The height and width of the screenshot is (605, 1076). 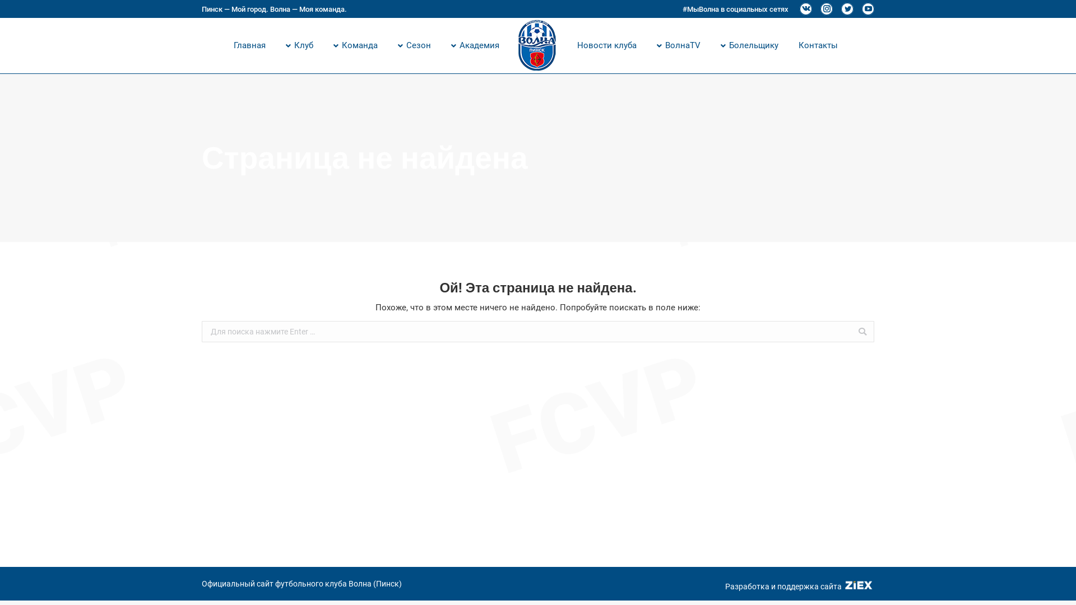 What do you see at coordinates (847, 8) in the screenshot?
I see `'Twitter'` at bounding box center [847, 8].